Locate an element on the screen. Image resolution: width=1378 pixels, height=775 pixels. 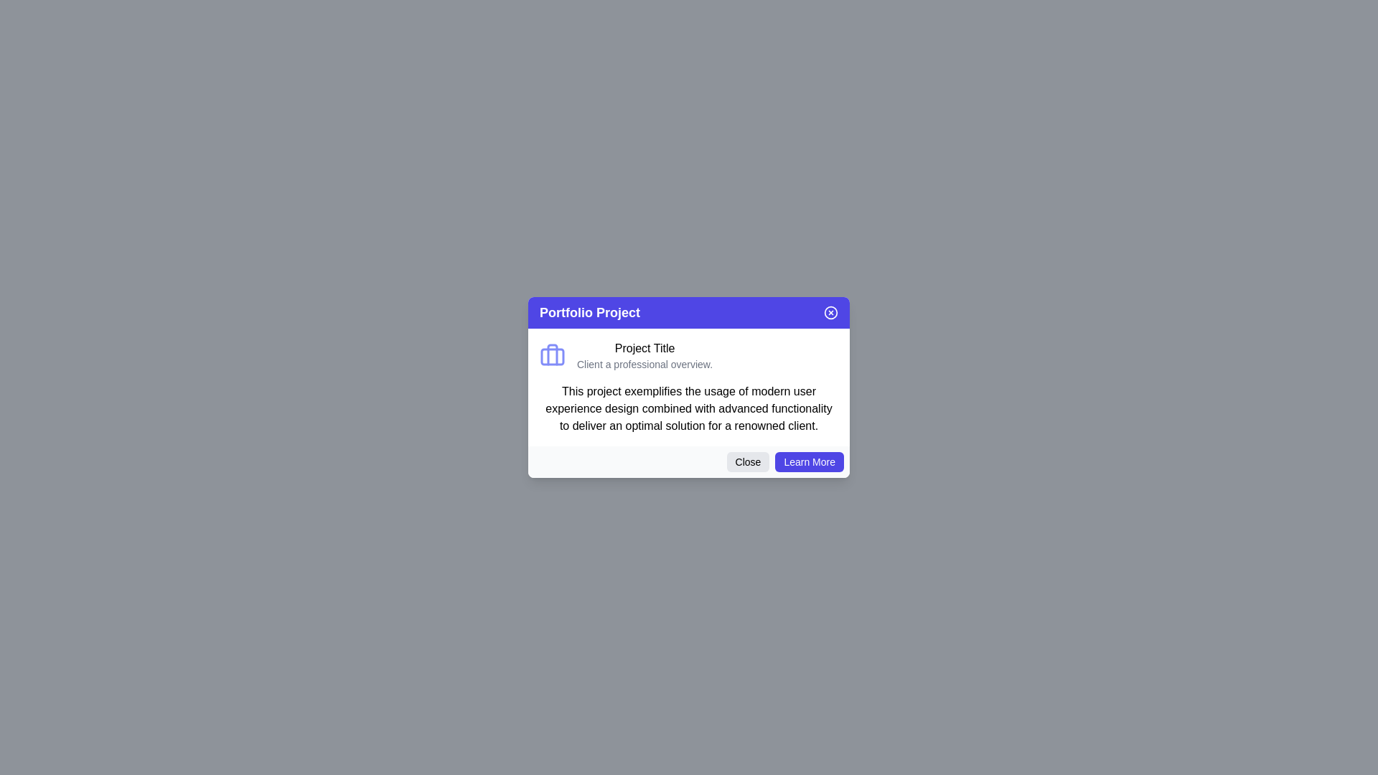
the 'Close' button with rounded corners, which has a light gray background and changes shade on hover is located at coordinates (747, 462).